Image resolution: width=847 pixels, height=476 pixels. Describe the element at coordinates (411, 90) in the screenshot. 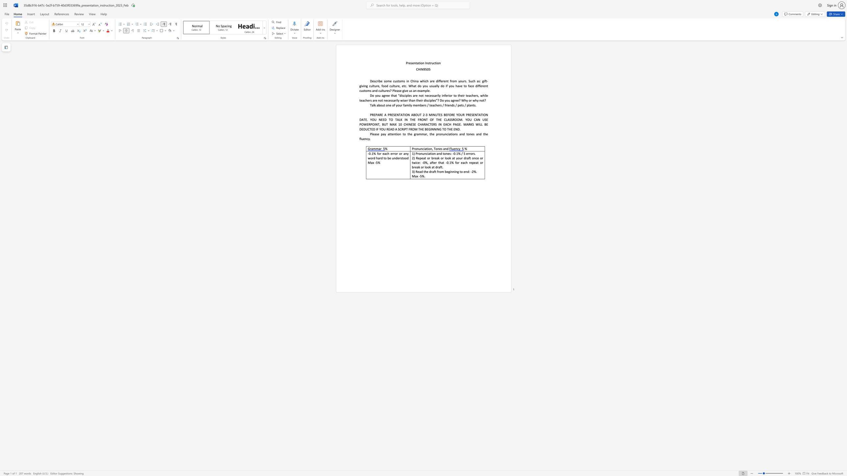

I see `the 2th character "s" in the text` at that location.